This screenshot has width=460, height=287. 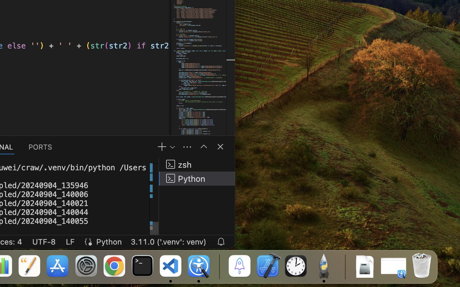 I want to click on 'Python ', so click(x=197, y=178).